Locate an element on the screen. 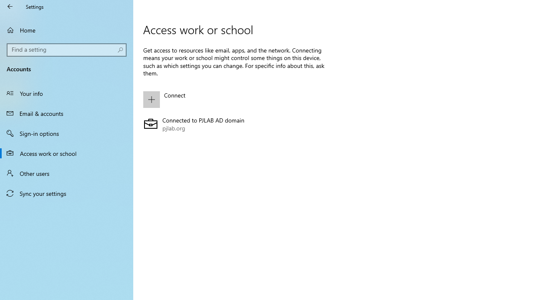 The image size is (533, 300). 'Sync your settings' is located at coordinates (67, 193).